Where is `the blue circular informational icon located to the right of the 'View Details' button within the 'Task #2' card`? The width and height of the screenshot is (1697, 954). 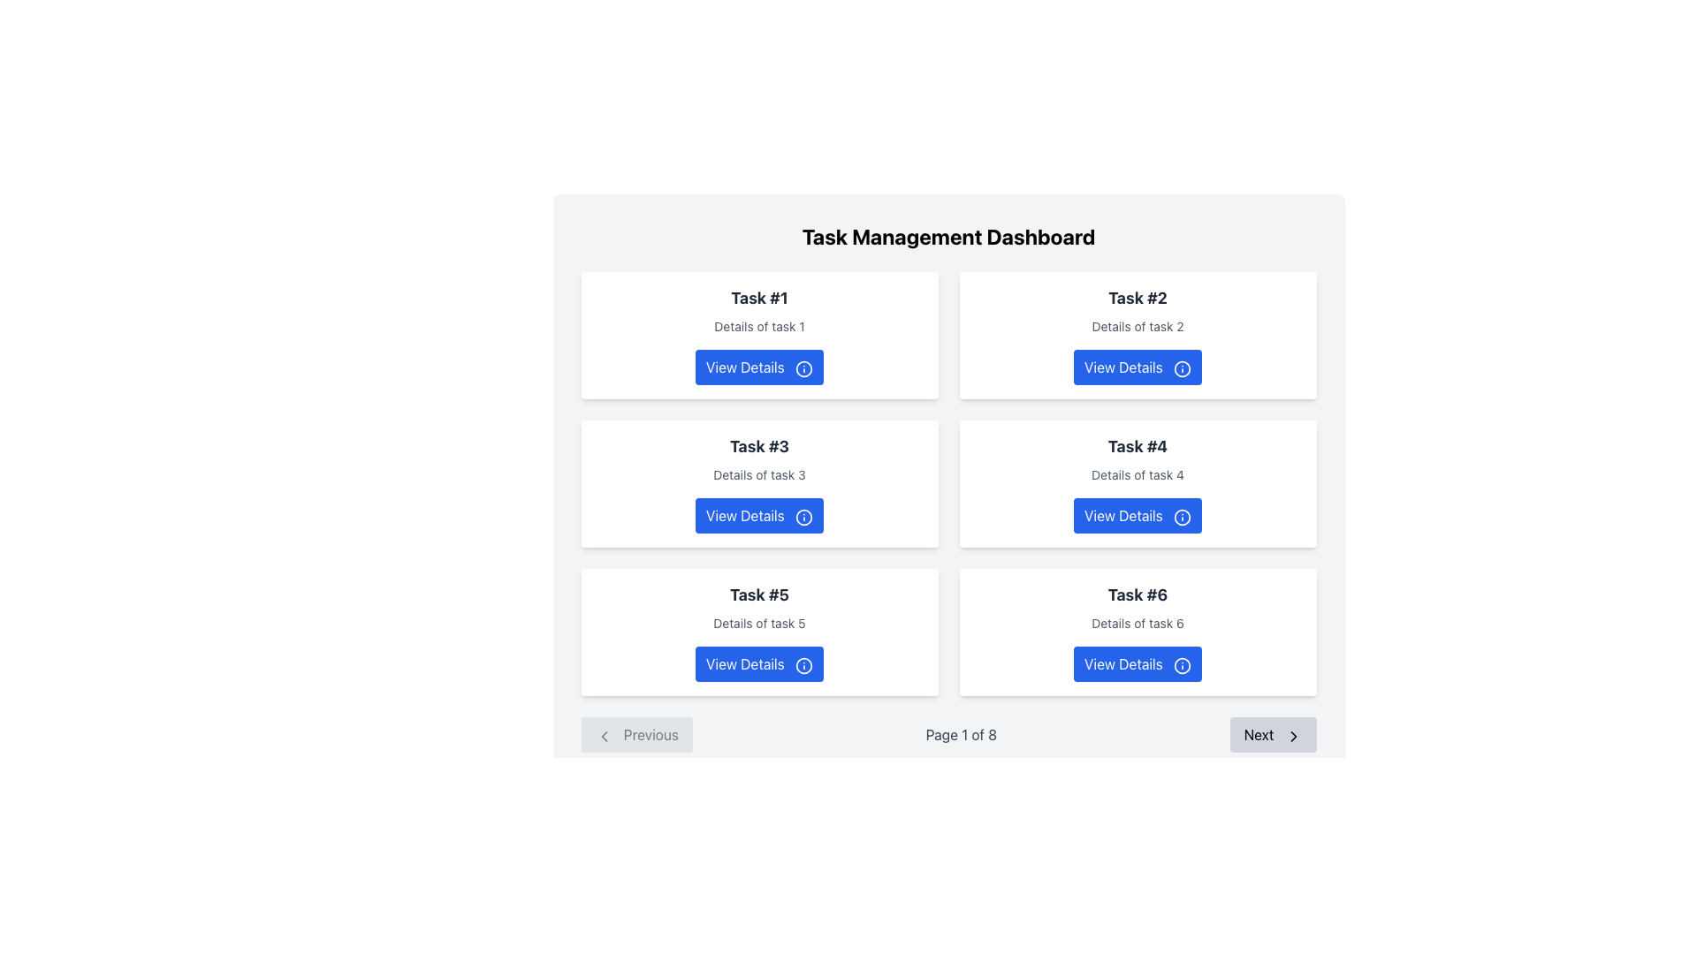 the blue circular informational icon located to the right of the 'View Details' button within the 'Task #2' card is located at coordinates (1183, 367).